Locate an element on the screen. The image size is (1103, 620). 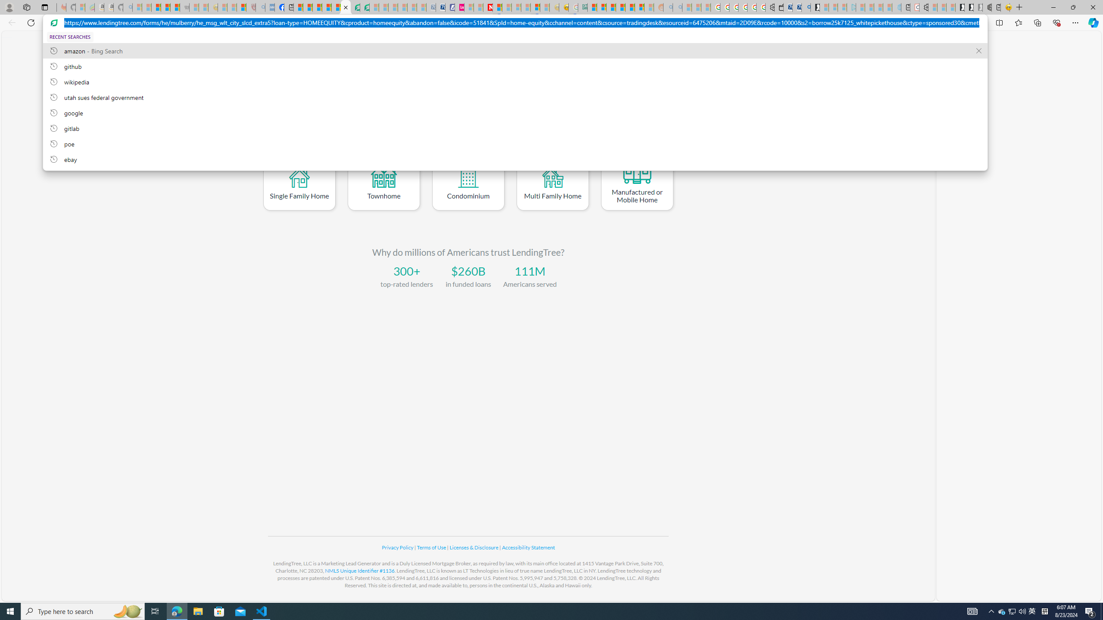
'New Report Confirms 2023 Was Record Hot | Watch' is located at coordinates (174, 7).